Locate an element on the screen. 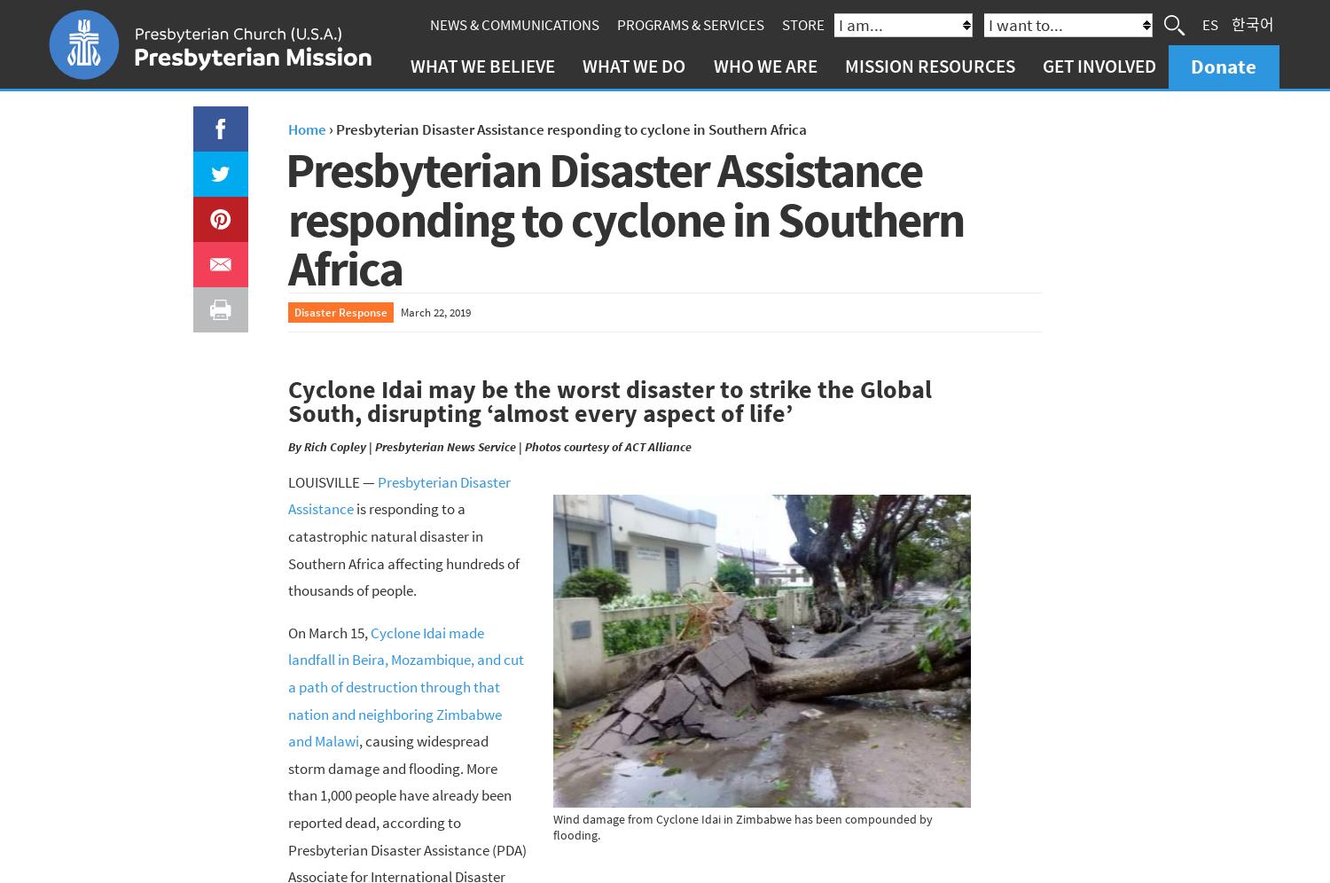 The height and width of the screenshot is (883, 1330). 'By Rich Copley | Presbyterian News Service | Photos courtesy of ACT Alliance' is located at coordinates (489, 446).